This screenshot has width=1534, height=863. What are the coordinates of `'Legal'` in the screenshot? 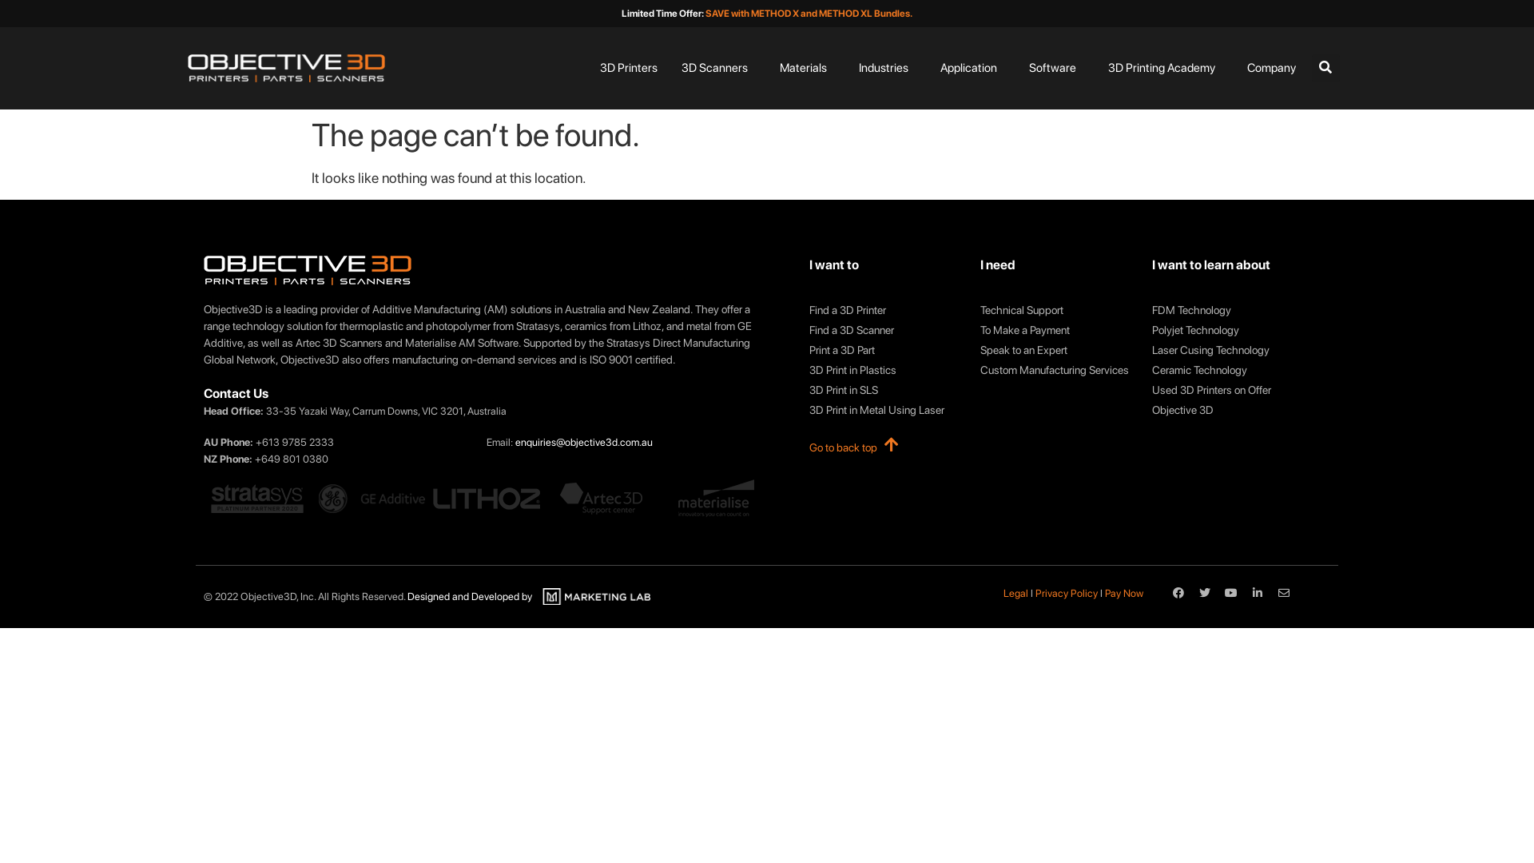 It's located at (1015, 593).